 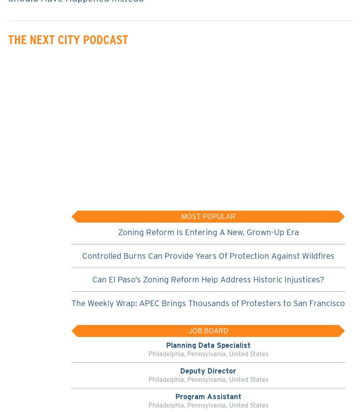 I want to click on 'Planning Data Specialist', so click(x=207, y=345).